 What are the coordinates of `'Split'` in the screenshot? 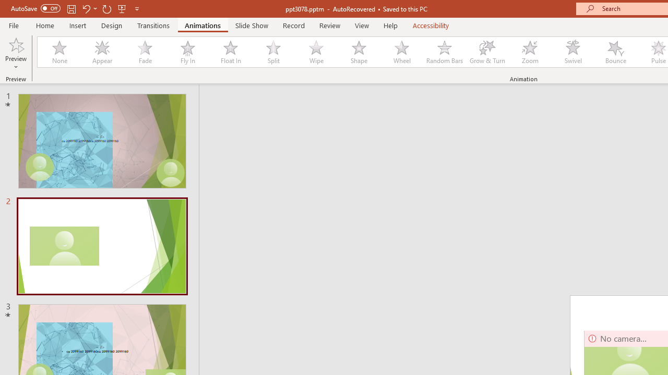 It's located at (273, 52).